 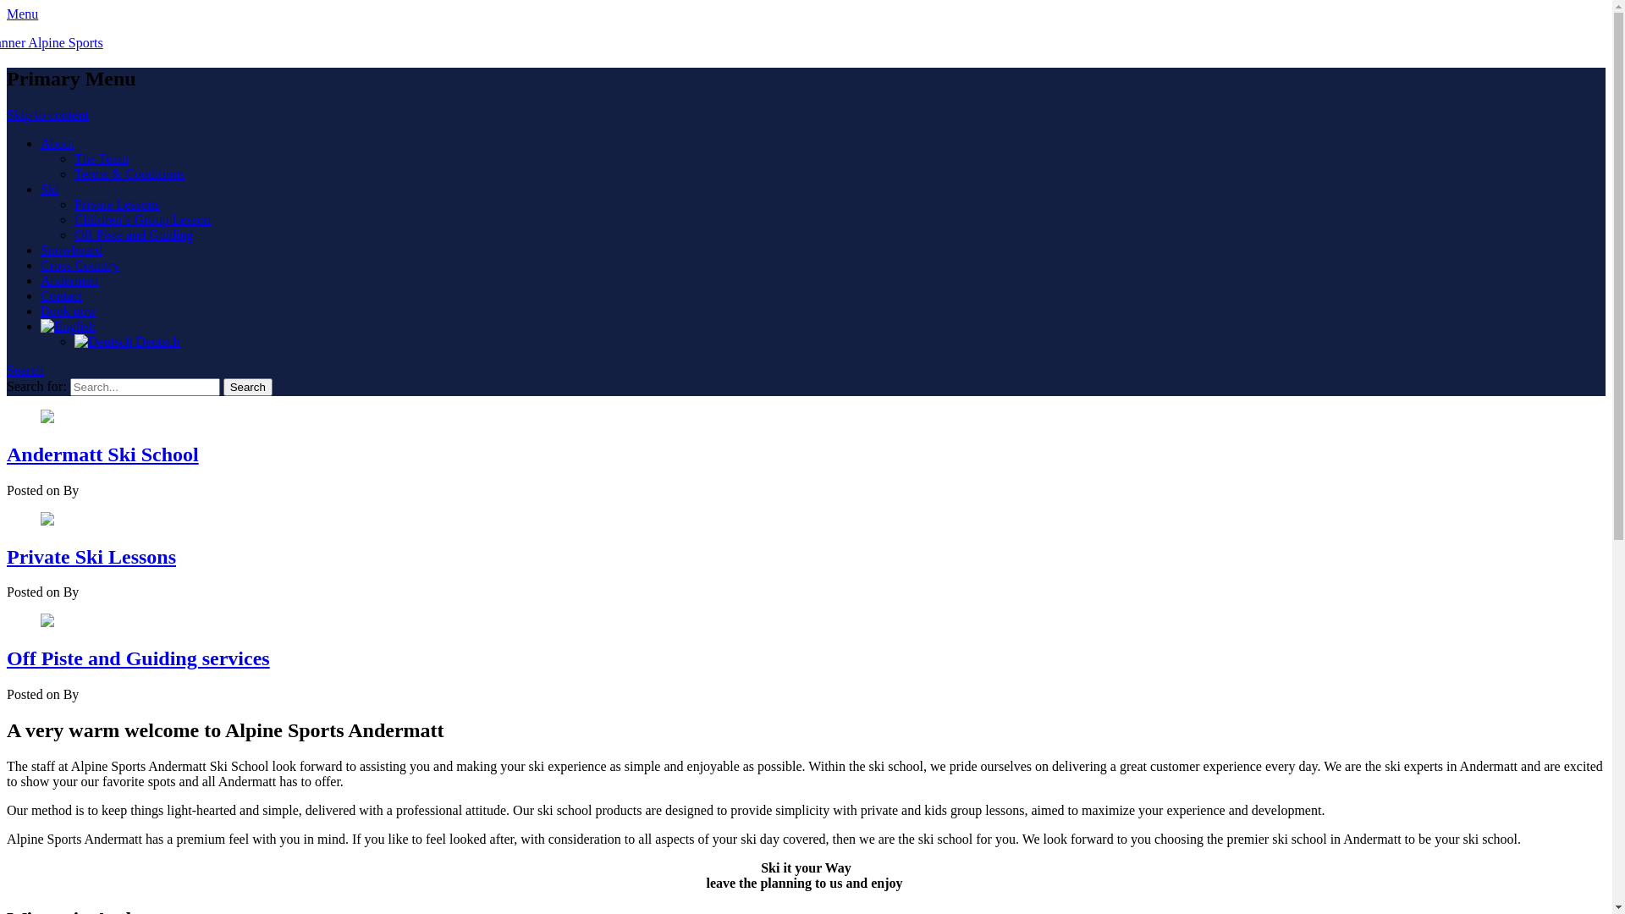 What do you see at coordinates (47, 418) in the screenshot?
I see `'Permalink to: Andermatt Ski School'` at bounding box center [47, 418].